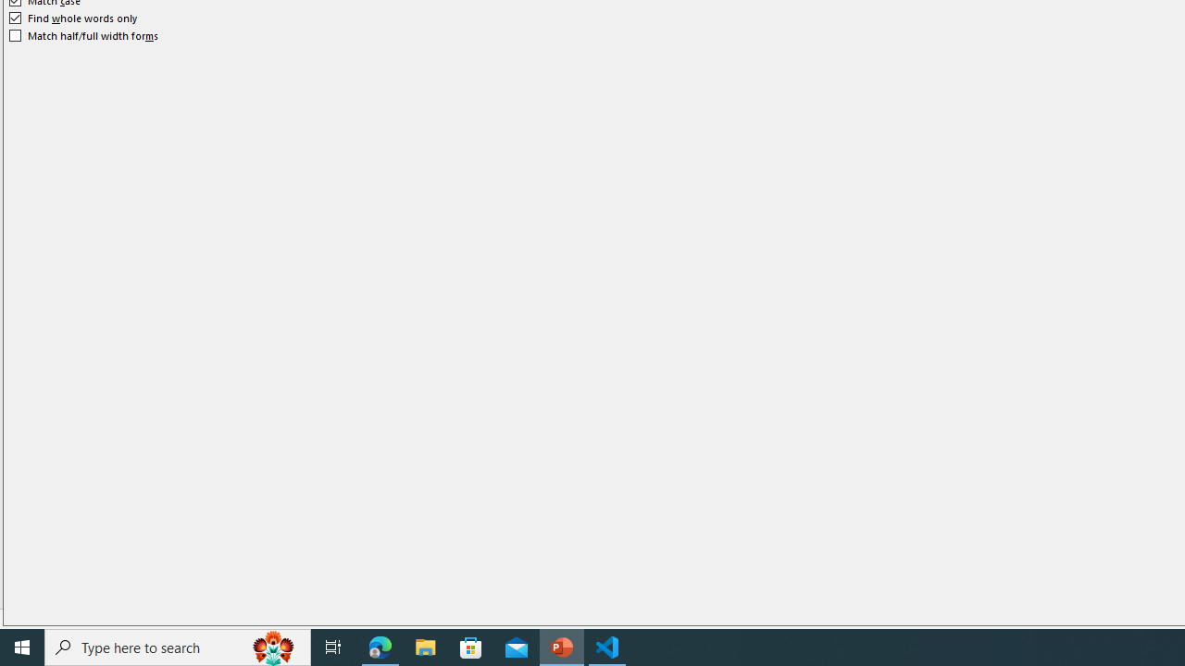 This screenshot has height=666, width=1185. I want to click on 'Match half/full width forms', so click(83, 35).